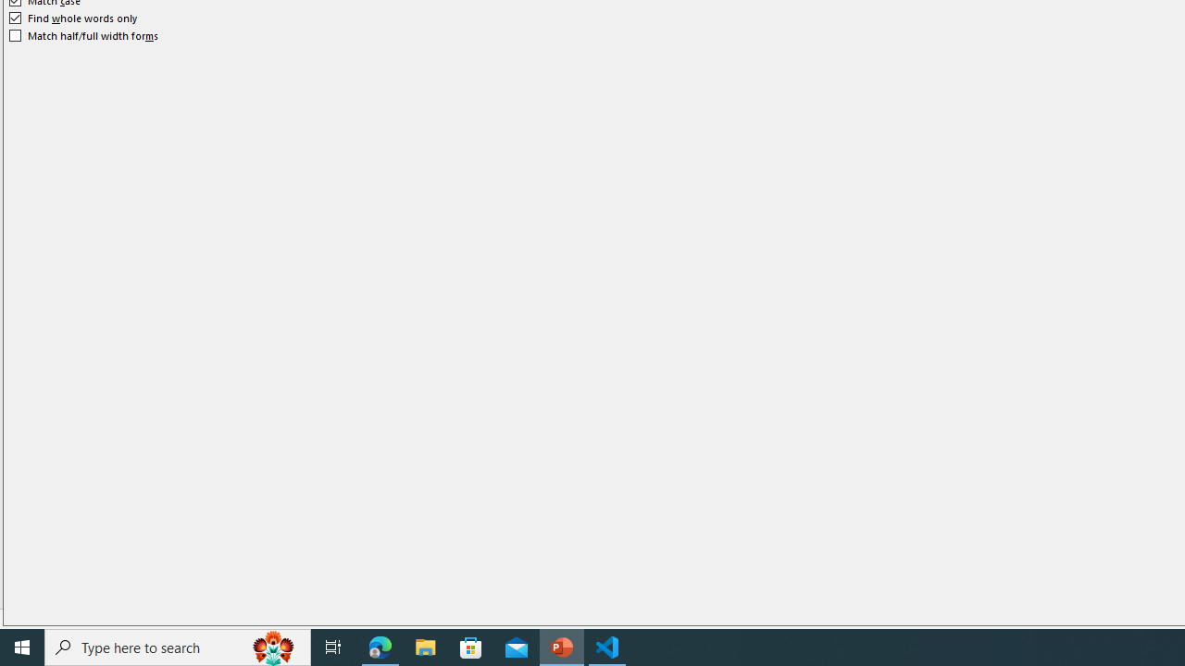 This screenshot has height=666, width=1185. I want to click on 'Match half/full width forms', so click(83, 35).